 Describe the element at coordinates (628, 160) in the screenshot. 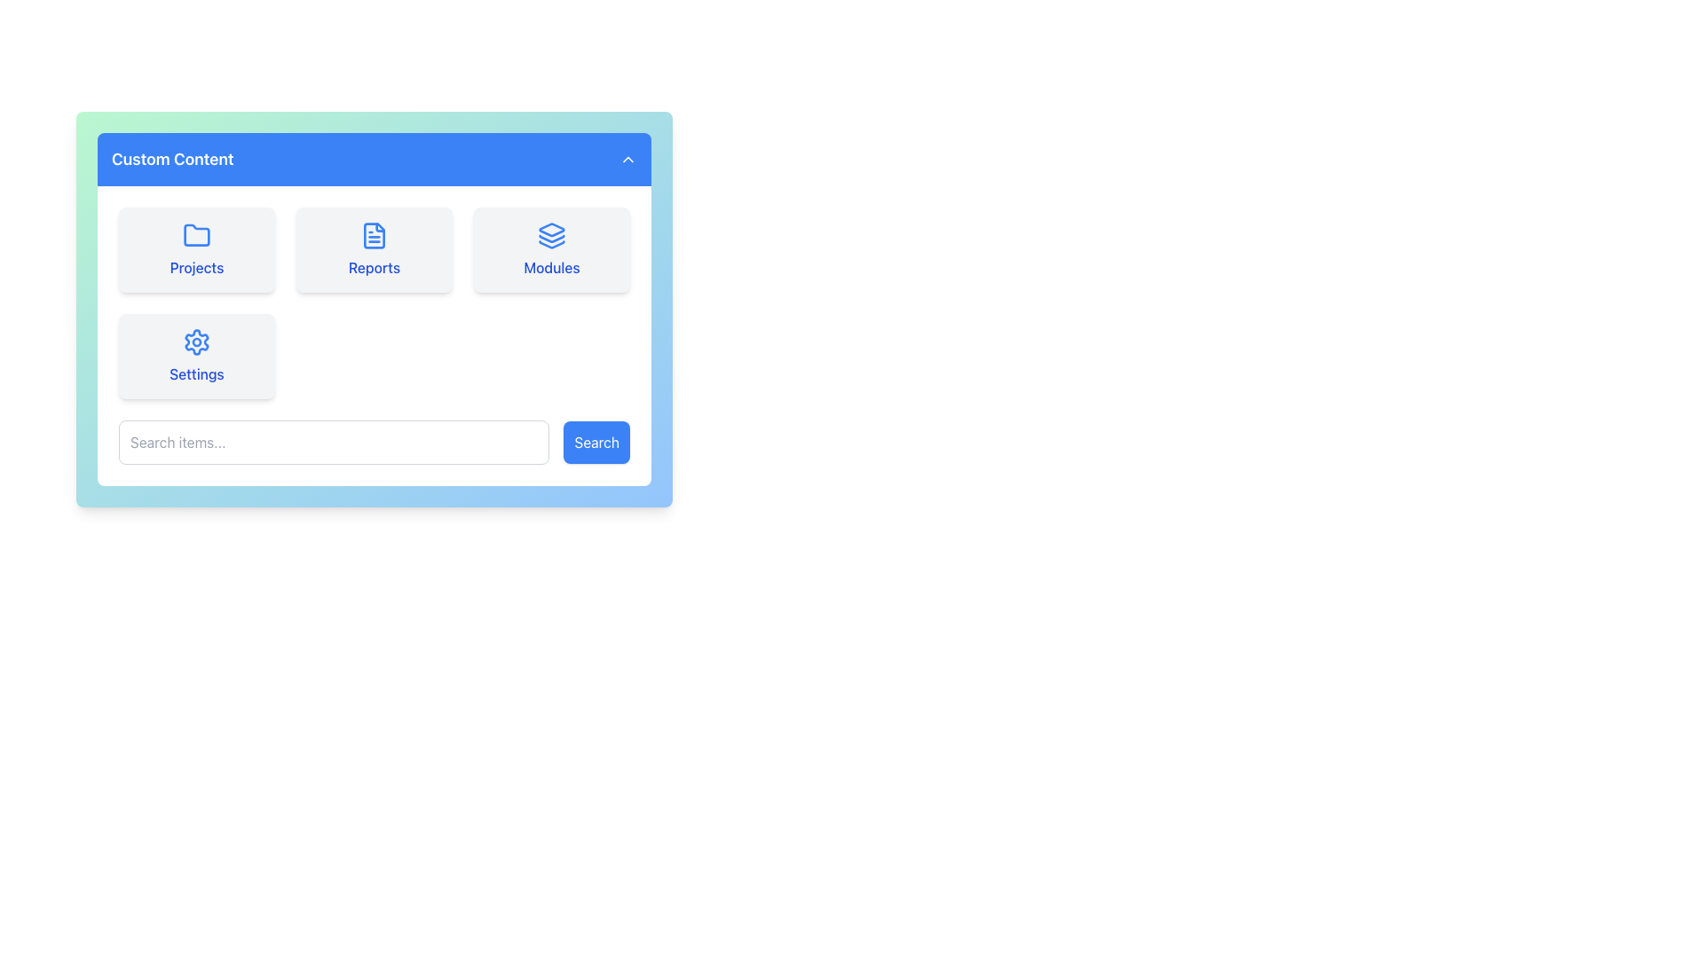

I see `the upward-facing chevron arrow button icon, which is embedded within the blue rectangular header of the 'Custom Content' component` at that location.